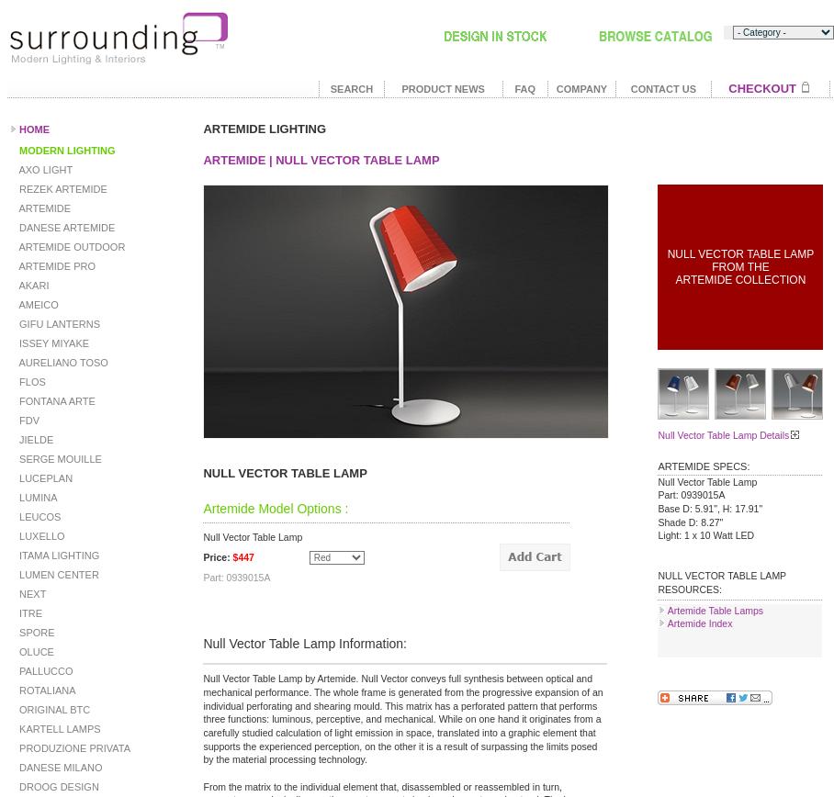 This screenshot has width=834, height=797. I want to click on 'AXO LIGHT', so click(15, 169).